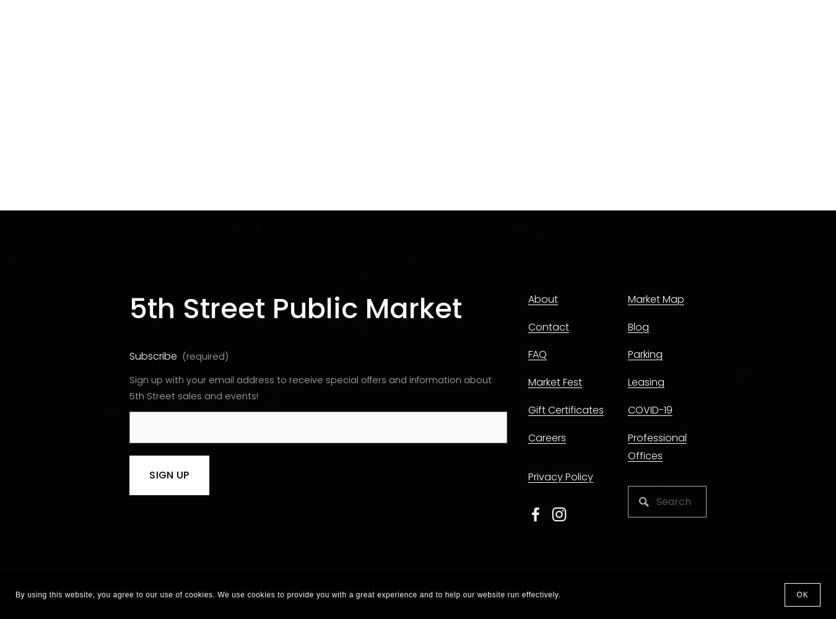 The width and height of the screenshot is (836, 619). Describe the element at coordinates (554, 381) in the screenshot. I see `'Market Fest'` at that location.